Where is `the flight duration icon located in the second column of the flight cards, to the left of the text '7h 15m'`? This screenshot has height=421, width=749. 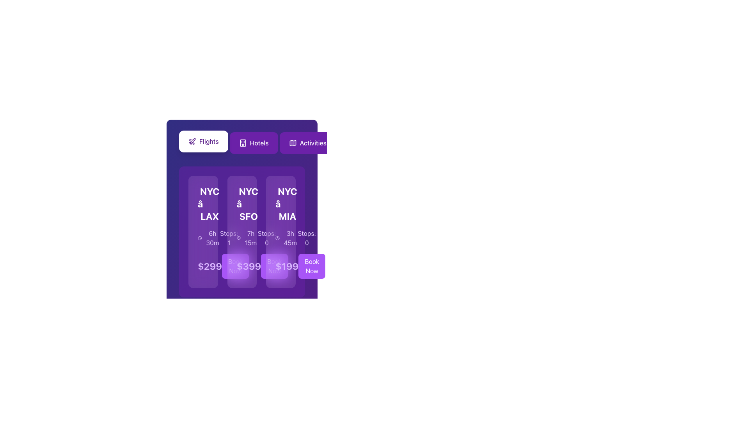
the flight duration icon located in the second column of the flight cards, to the left of the text '7h 15m' is located at coordinates (238, 237).